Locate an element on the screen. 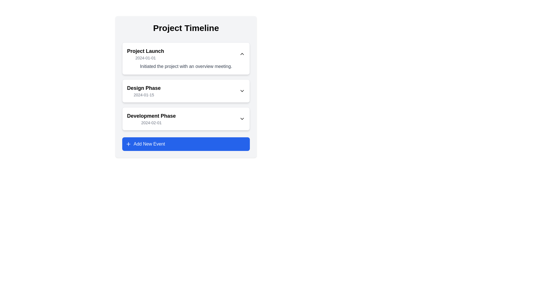  the 'Development Phase' text label, which is the third entry in a list of phases in the 'Project Timeline' section, located above the '+' button labeled 'Add New Event' is located at coordinates (151, 118).